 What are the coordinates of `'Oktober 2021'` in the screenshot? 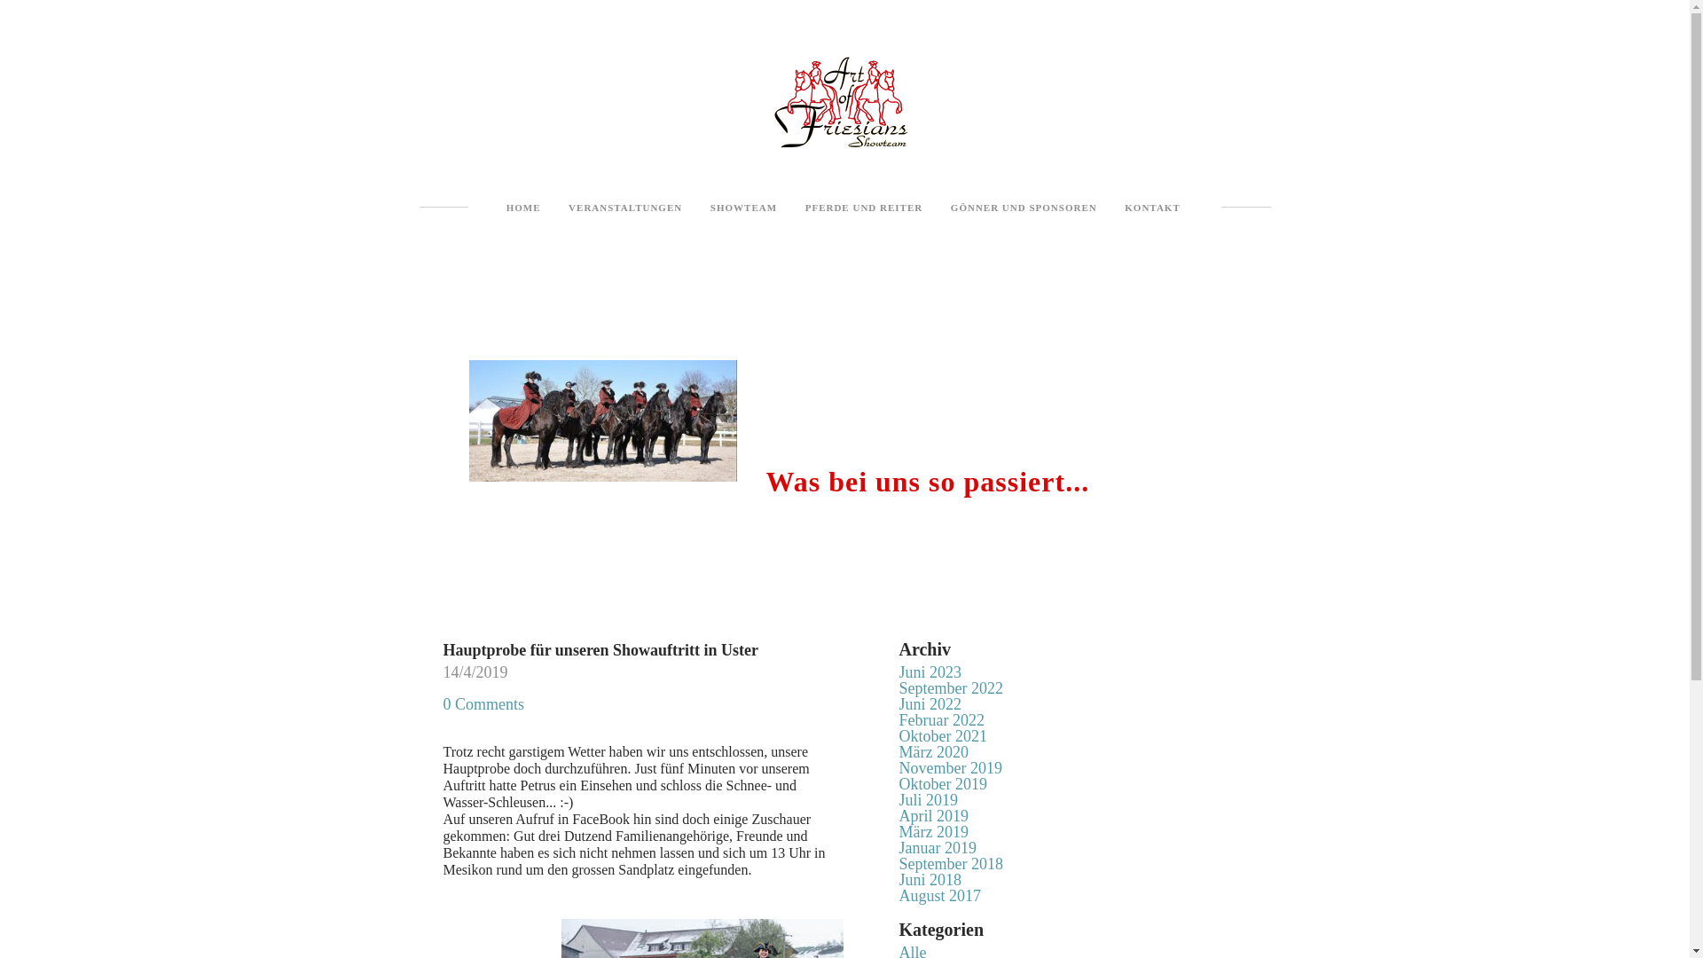 It's located at (942, 735).